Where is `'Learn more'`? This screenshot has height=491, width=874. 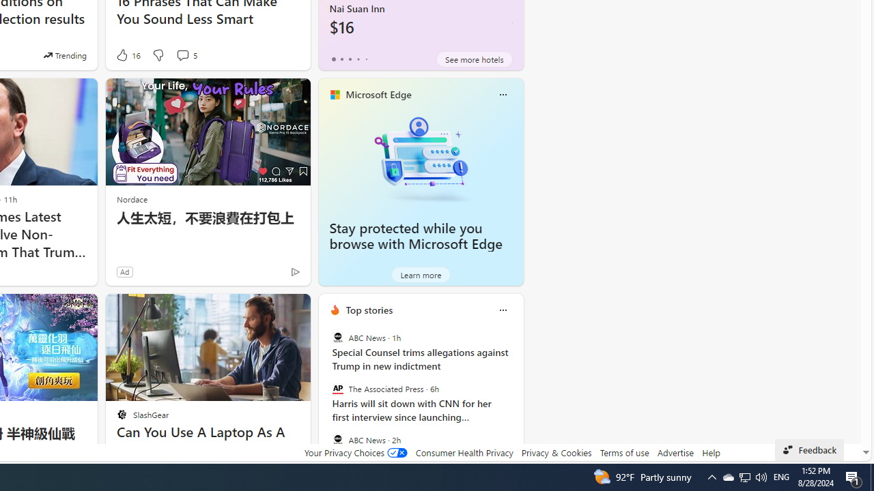 'Learn more' is located at coordinates (420, 274).